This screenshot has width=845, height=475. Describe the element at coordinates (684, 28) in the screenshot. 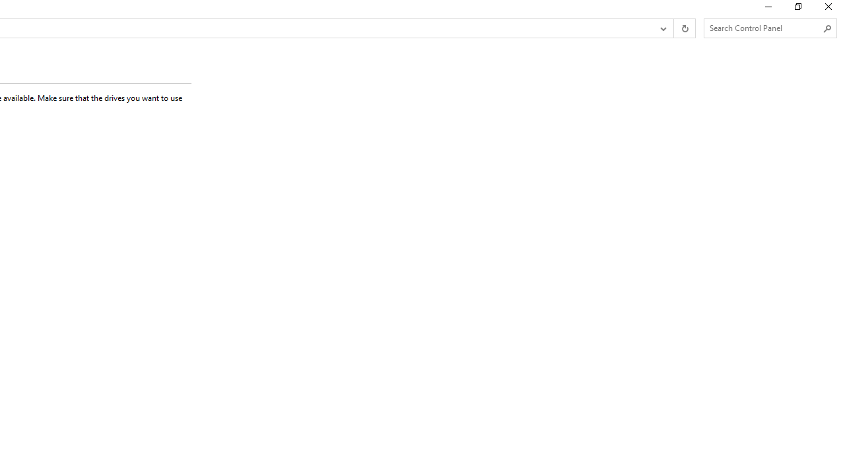

I see `'Refresh "Create a storage pool" (F5)'` at that location.